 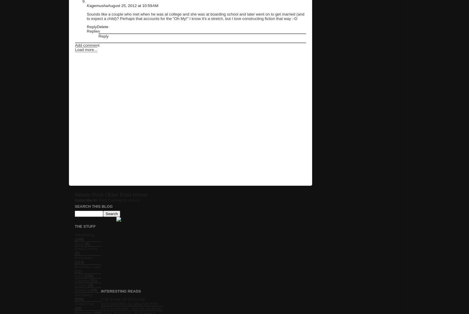 What do you see at coordinates (196, 16) in the screenshot?
I see `'Sounds like a couple who met when he was at college and she was at boarding school and later went on to get married (and to expect a child)? Perhaps that accounts for the "Oh My!"  I know it's a stretch, but I love constructing fiction that way :-D'` at bounding box center [196, 16].